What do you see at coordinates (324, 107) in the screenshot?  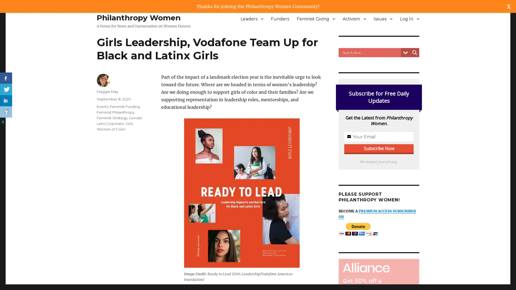 I see `Close` at bounding box center [324, 107].